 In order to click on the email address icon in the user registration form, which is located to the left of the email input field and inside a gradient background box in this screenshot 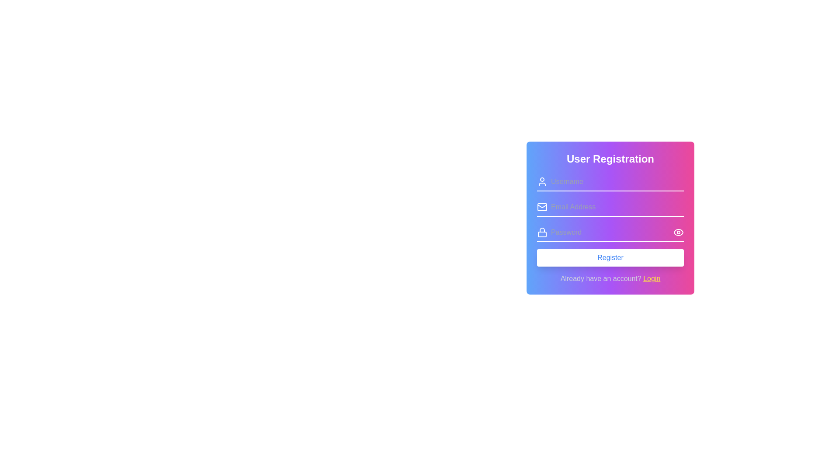, I will do `click(542, 207)`.